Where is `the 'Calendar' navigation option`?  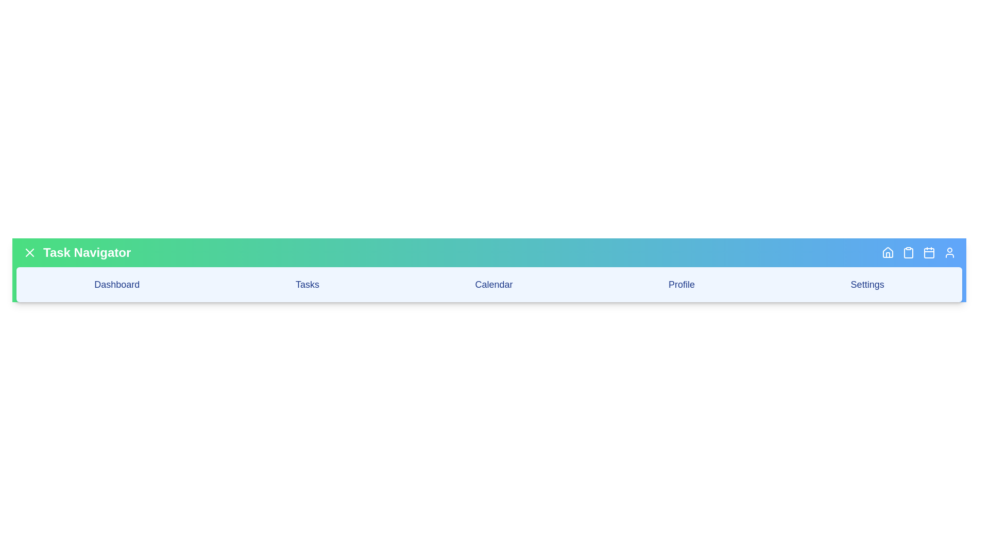 the 'Calendar' navigation option is located at coordinates (493, 284).